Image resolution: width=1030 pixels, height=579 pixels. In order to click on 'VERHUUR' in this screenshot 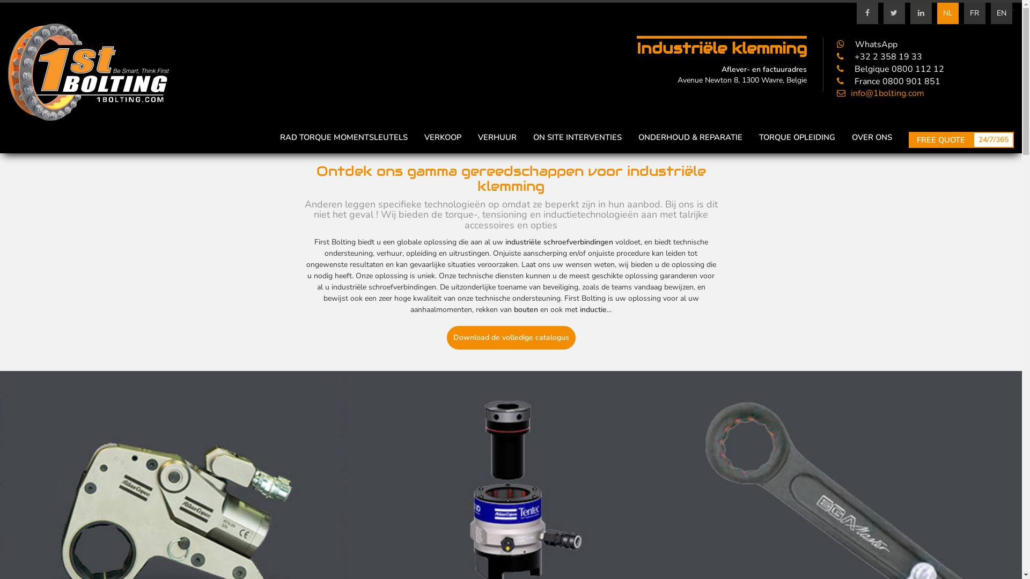, I will do `click(477, 136)`.